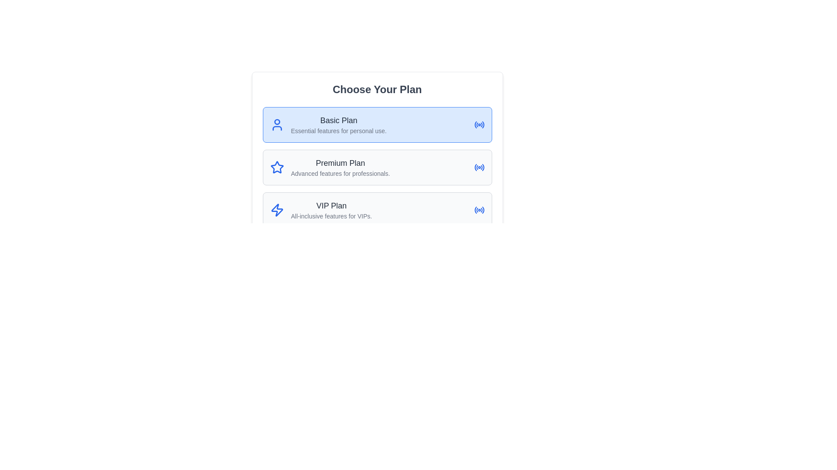 Image resolution: width=837 pixels, height=470 pixels. I want to click on informational text block labeled 'VIP Plan' which is the third option in the list of selectable plans, so click(331, 210).